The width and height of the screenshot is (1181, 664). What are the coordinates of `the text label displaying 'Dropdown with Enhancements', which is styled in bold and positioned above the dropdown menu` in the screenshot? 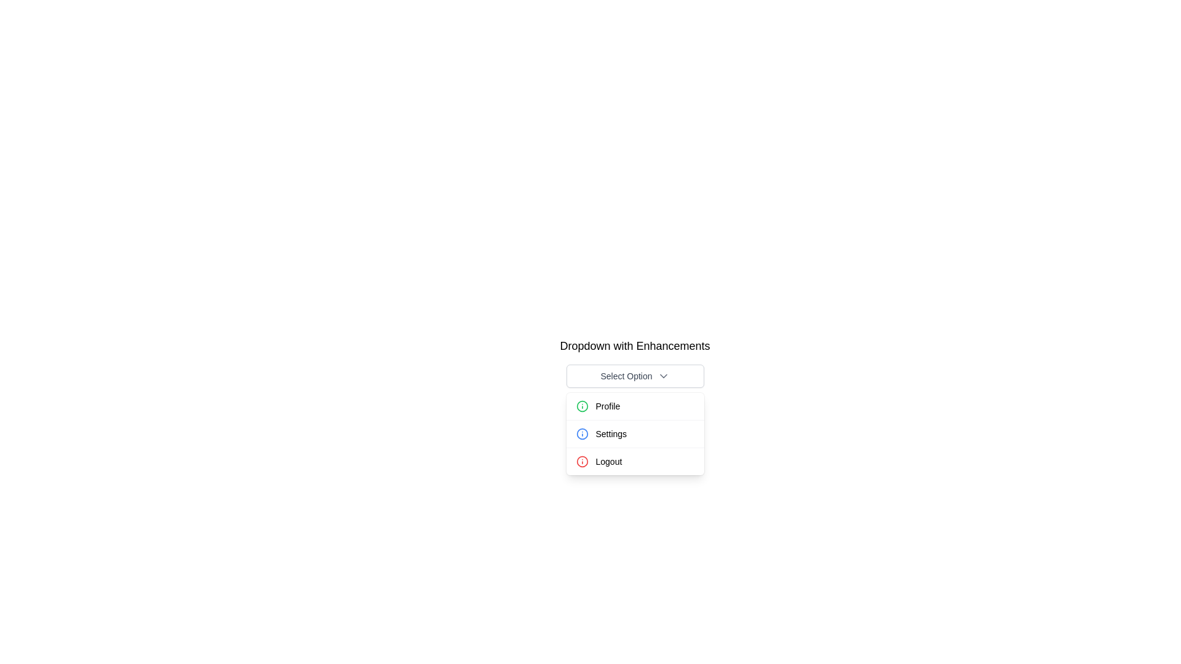 It's located at (635, 346).